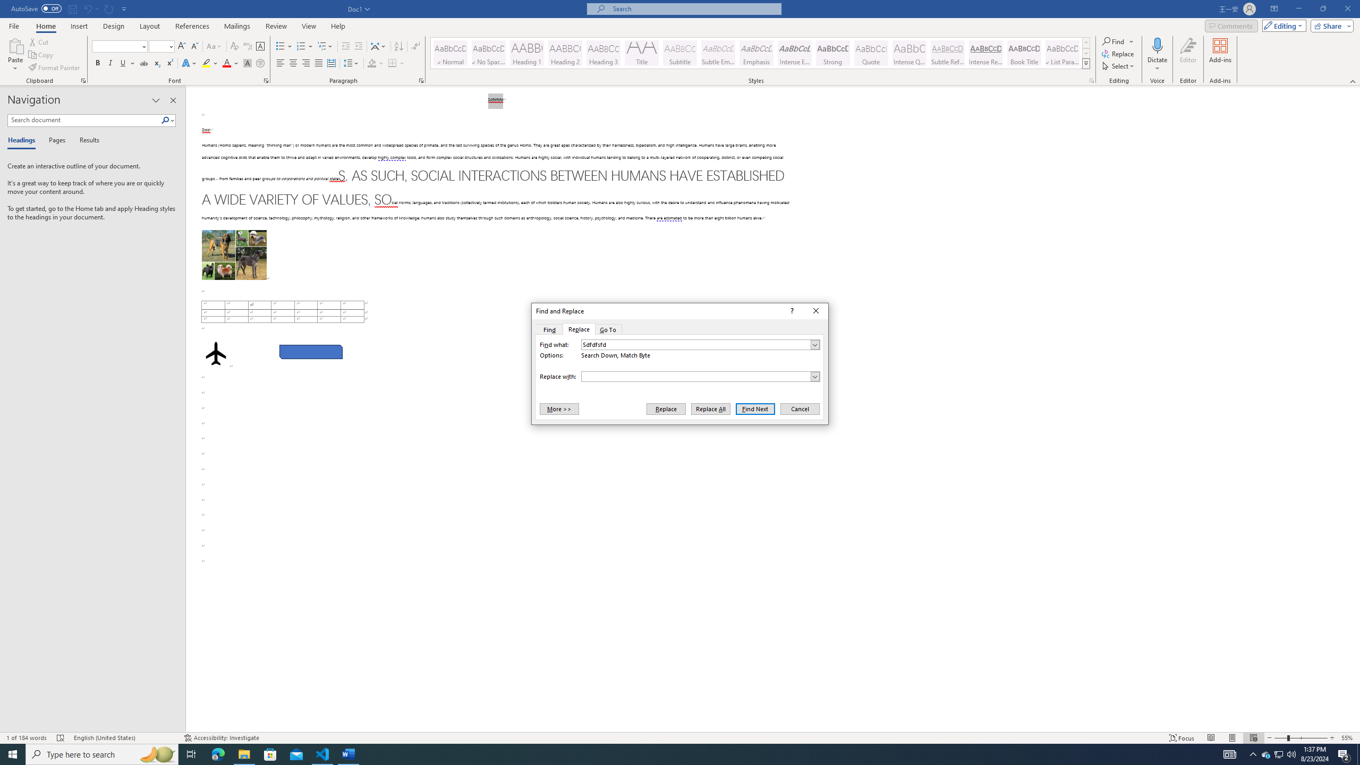  What do you see at coordinates (558, 409) in the screenshot?
I see `'More >>'` at bounding box center [558, 409].